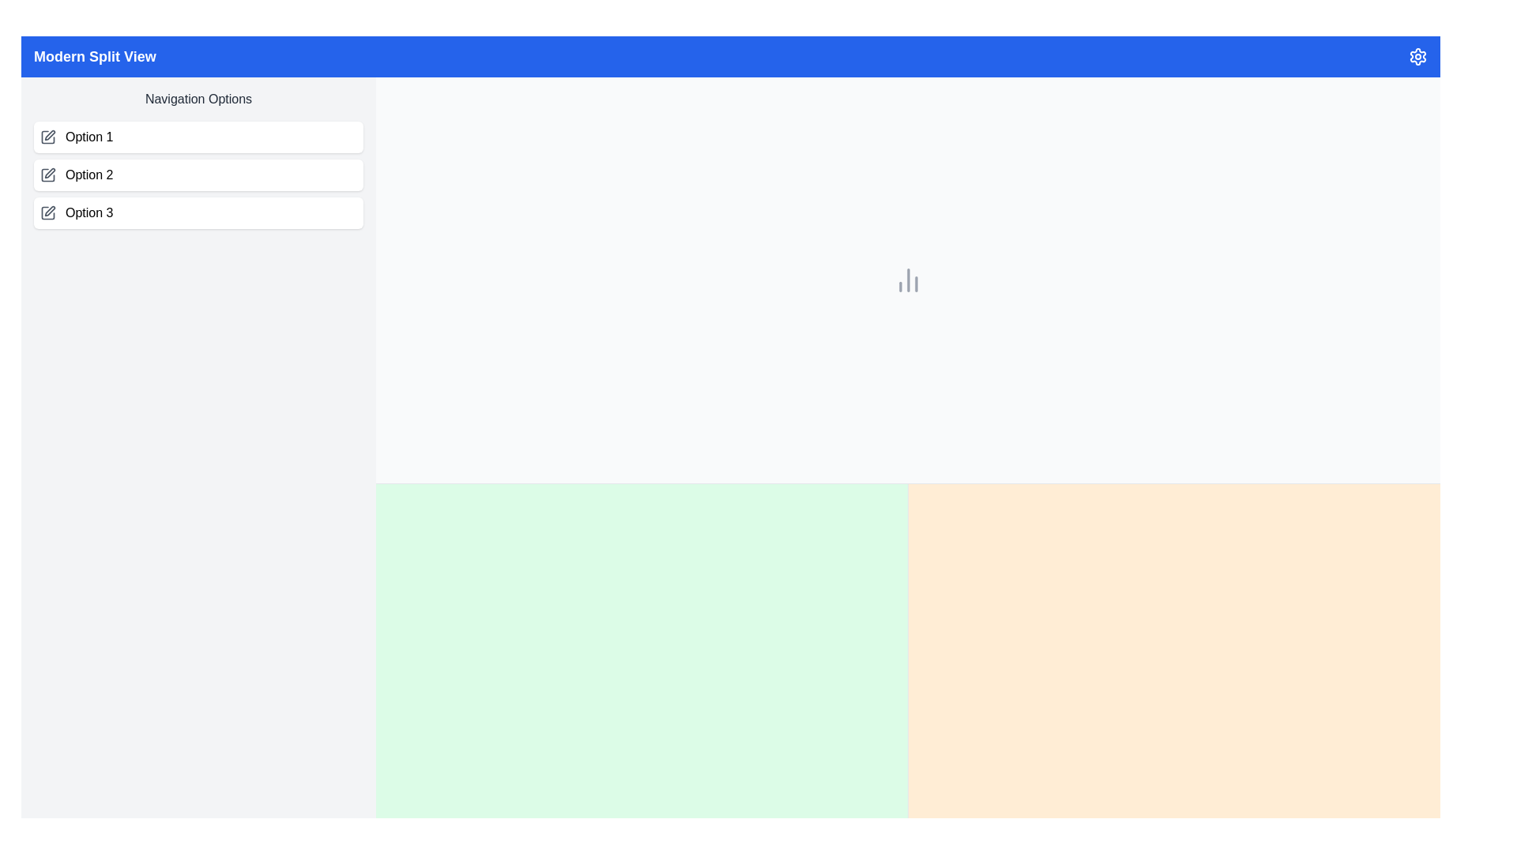 The image size is (1517, 853). Describe the element at coordinates (50, 210) in the screenshot. I see `the edit icon associated with 'Option 3' in the left sidebar` at that location.